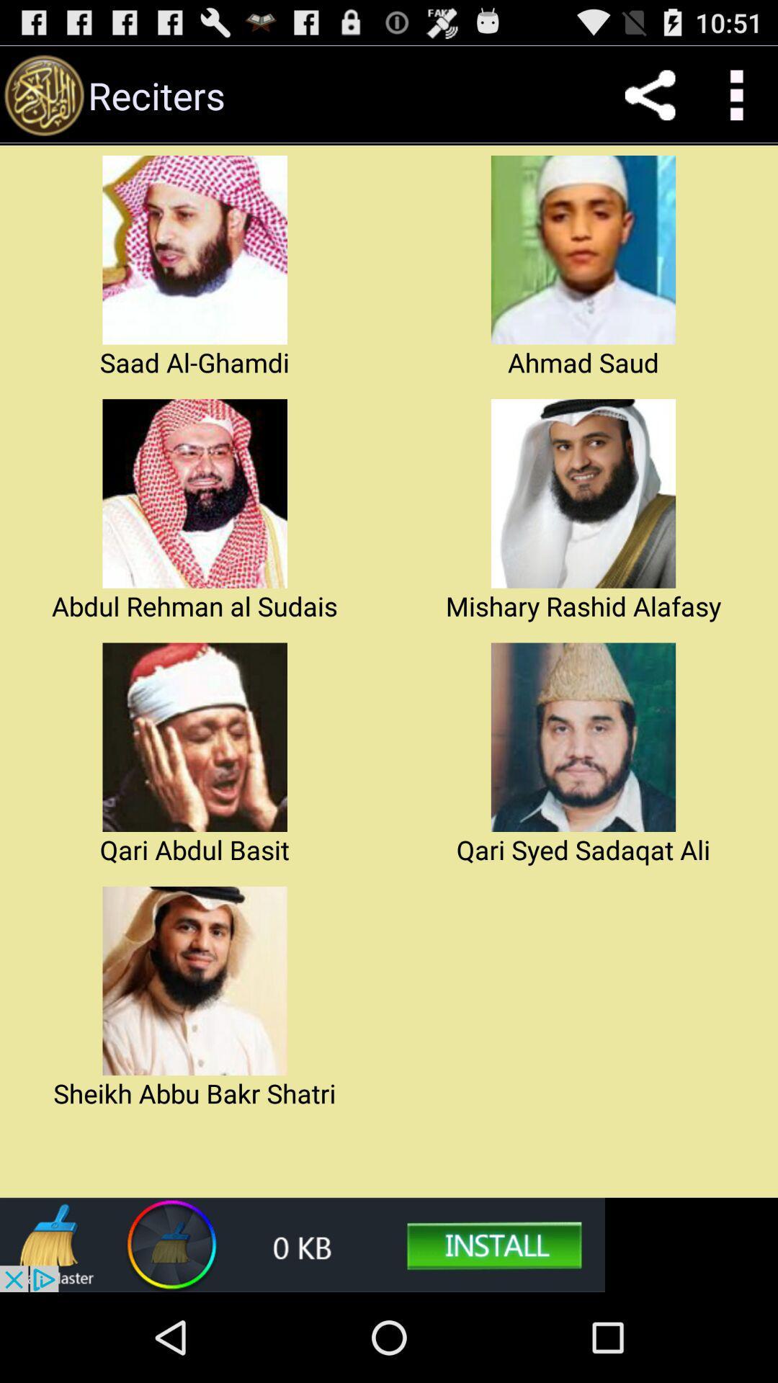 Image resolution: width=778 pixels, height=1383 pixels. Describe the element at coordinates (650, 94) in the screenshot. I see `sharing files` at that location.